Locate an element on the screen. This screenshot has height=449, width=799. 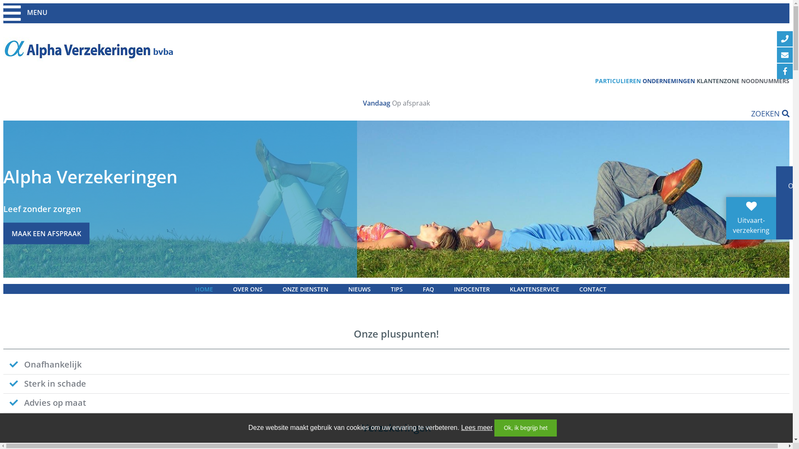
'TIPS' is located at coordinates (381, 289).